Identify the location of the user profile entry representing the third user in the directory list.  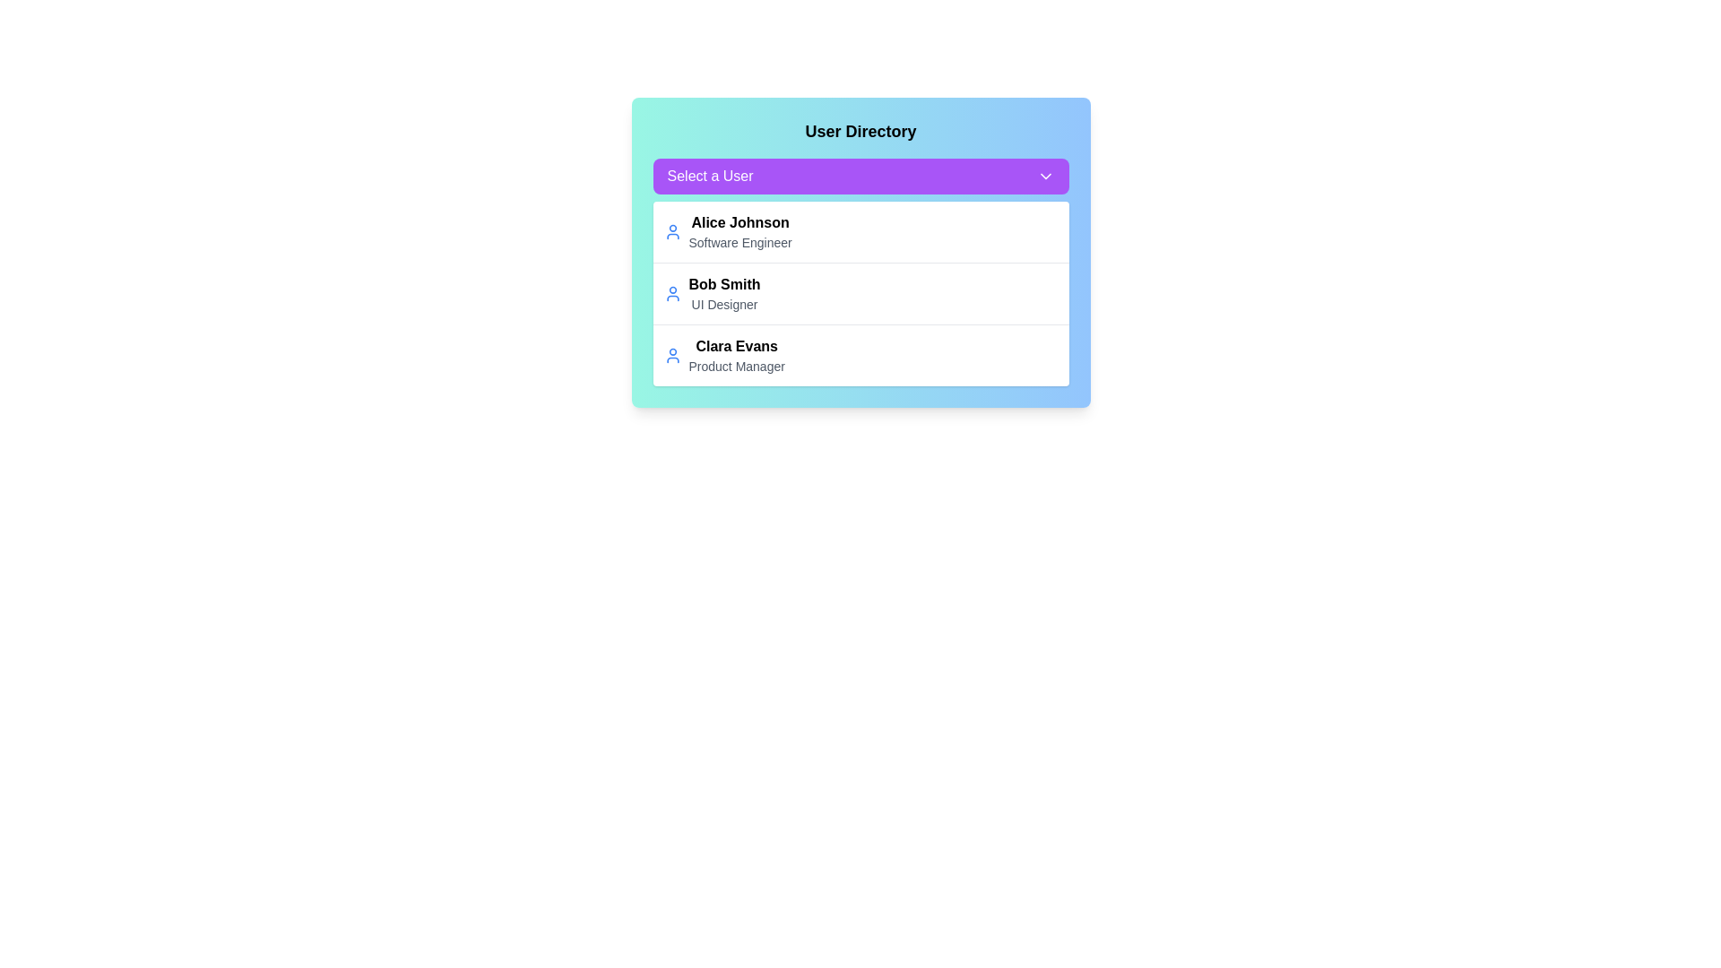
(724, 356).